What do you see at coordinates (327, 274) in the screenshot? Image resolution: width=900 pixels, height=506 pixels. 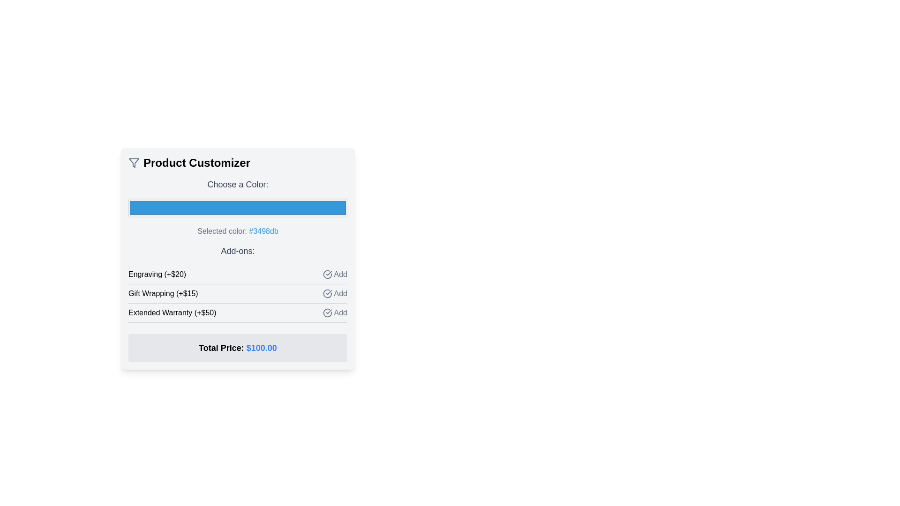 I see `the Checkmark icon located at the far right of the first row in the add-on section for 'Engraving (+$20)', indicating a confirmation or completion action` at bounding box center [327, 274].